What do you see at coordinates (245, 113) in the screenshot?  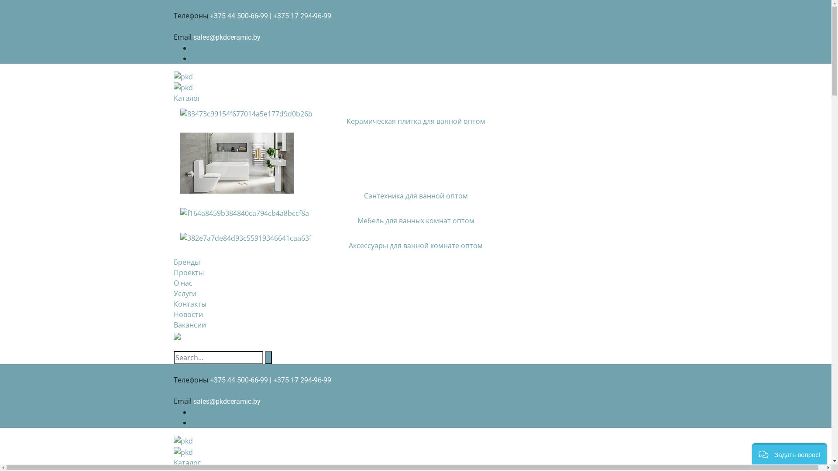 I see `'83473c99154f677014a5e177d9d0b26b'` at bounding box center [245, 113].